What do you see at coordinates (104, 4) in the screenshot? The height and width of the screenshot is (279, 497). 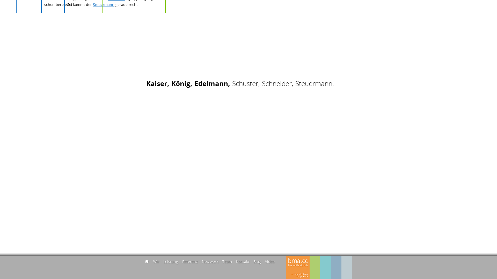 I see `'Steuermann'` at bounding box center [104, 4].